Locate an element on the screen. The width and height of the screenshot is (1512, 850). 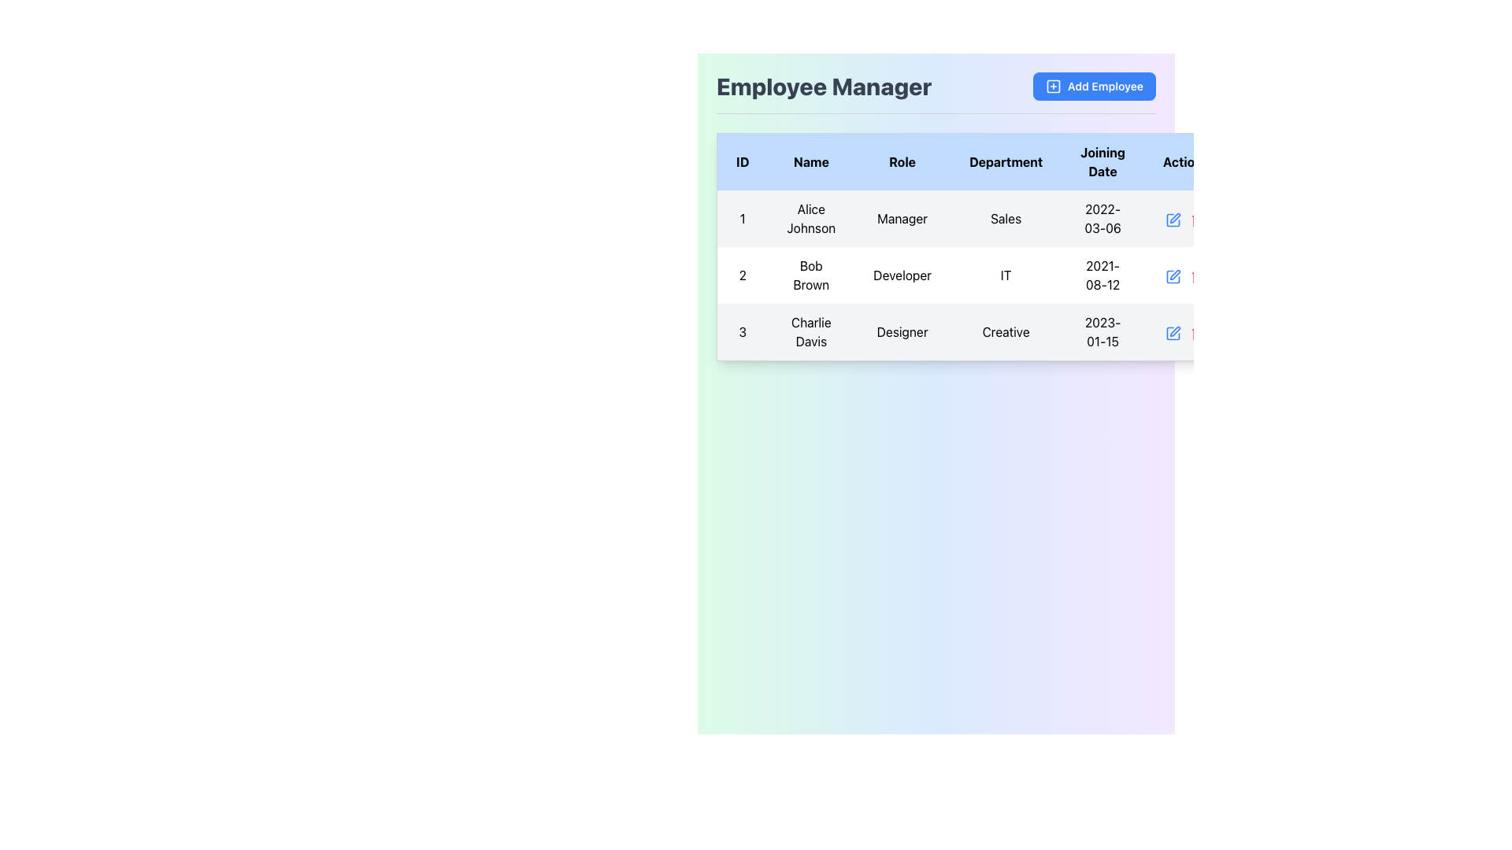
the edit icon button in the 'Actions' column of the first row in the table, which allows modification of the associated data entry for 'Alice Johnson' is located at coordinates (1173, 220).